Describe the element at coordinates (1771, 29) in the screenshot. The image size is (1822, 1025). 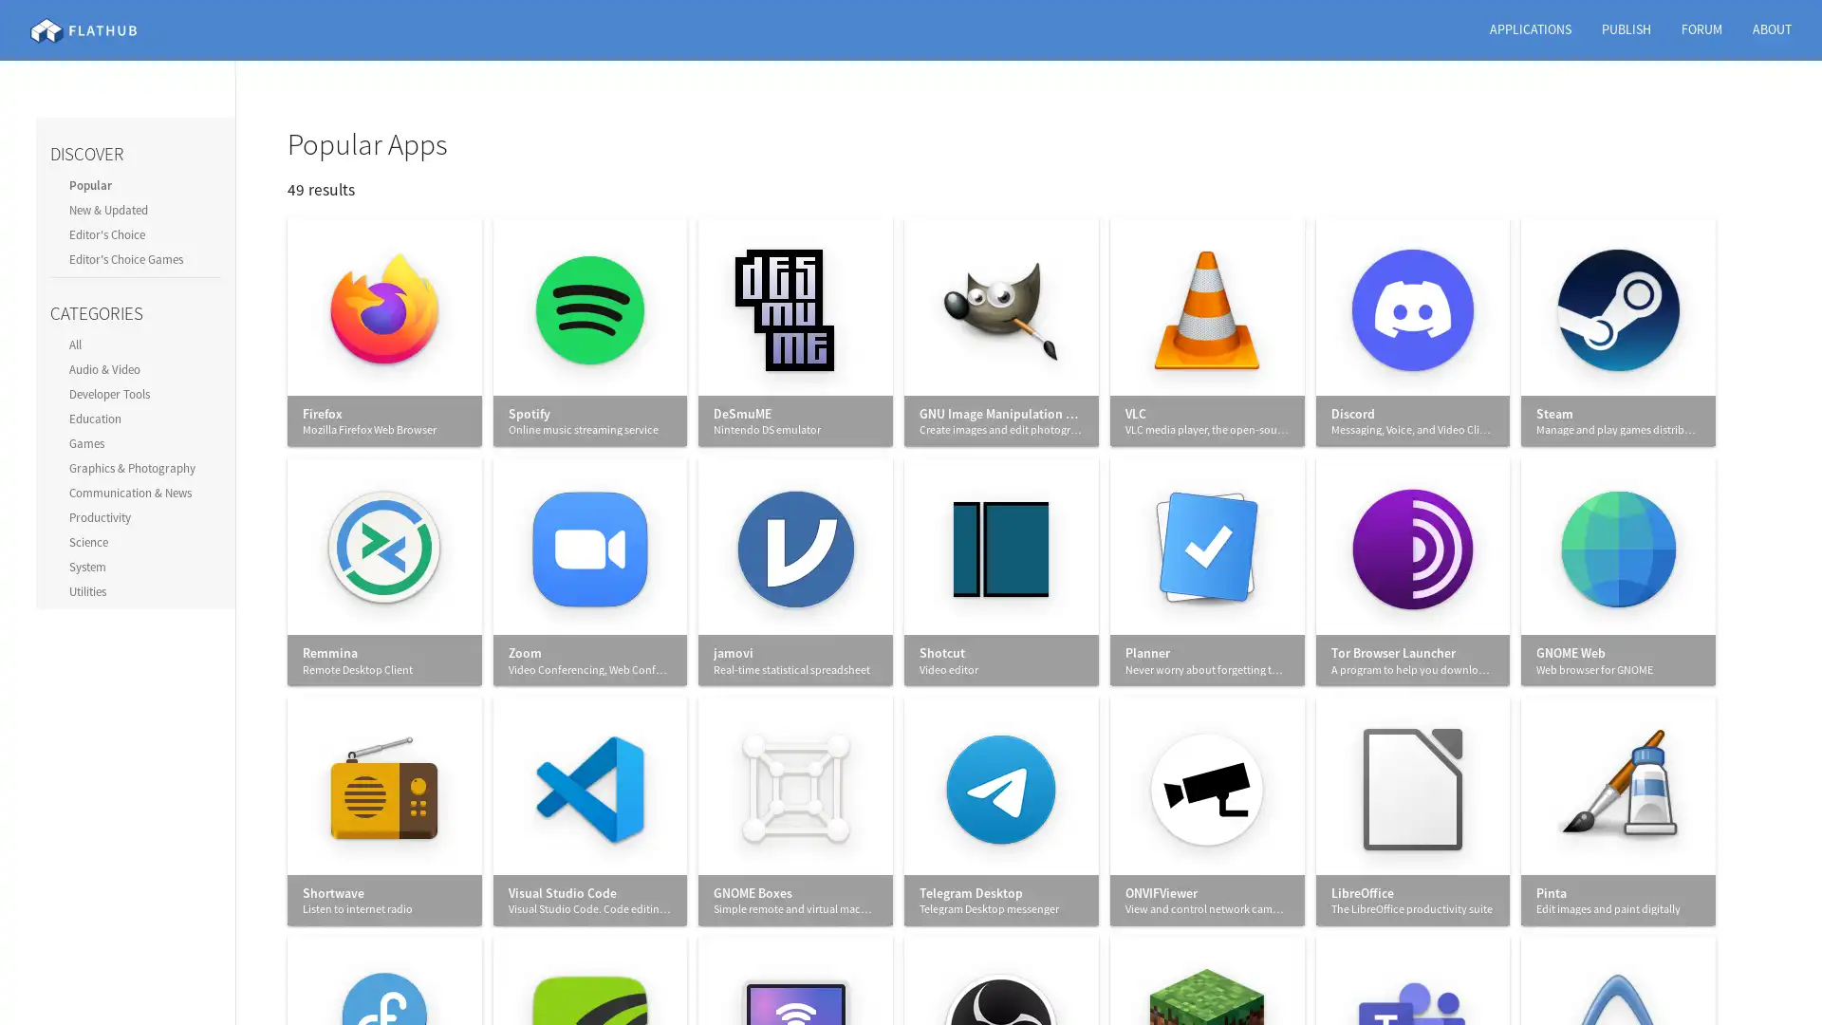
I see `ABOUT` at that location.